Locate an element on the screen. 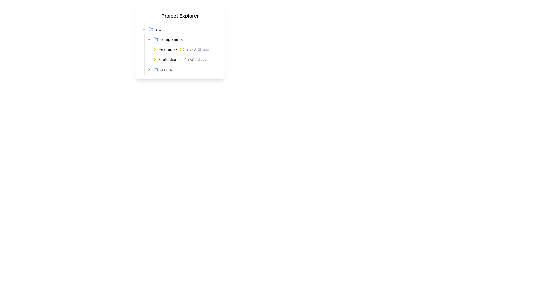  the text label indicating the modification time of the file 'Header.tsx', which shows that it was modified 2 hours ago, located to the right of the size information '2.3KB' is located at coordinates (203, 49).